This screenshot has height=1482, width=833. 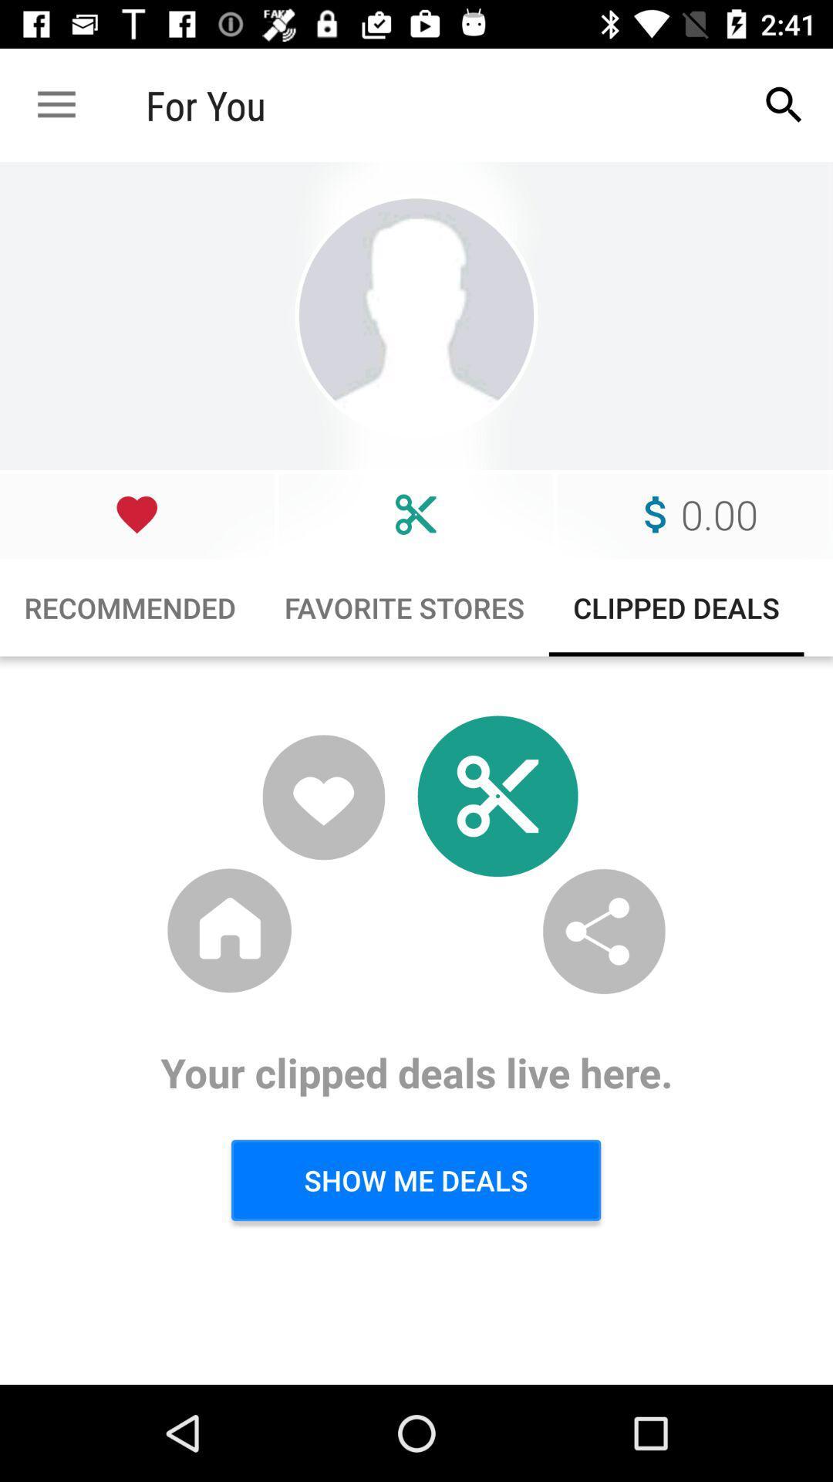 What do you see at coordinates (784, 104) in the screenshot?
I see `the icon next to the for you app` at bounding box center [784, 104].